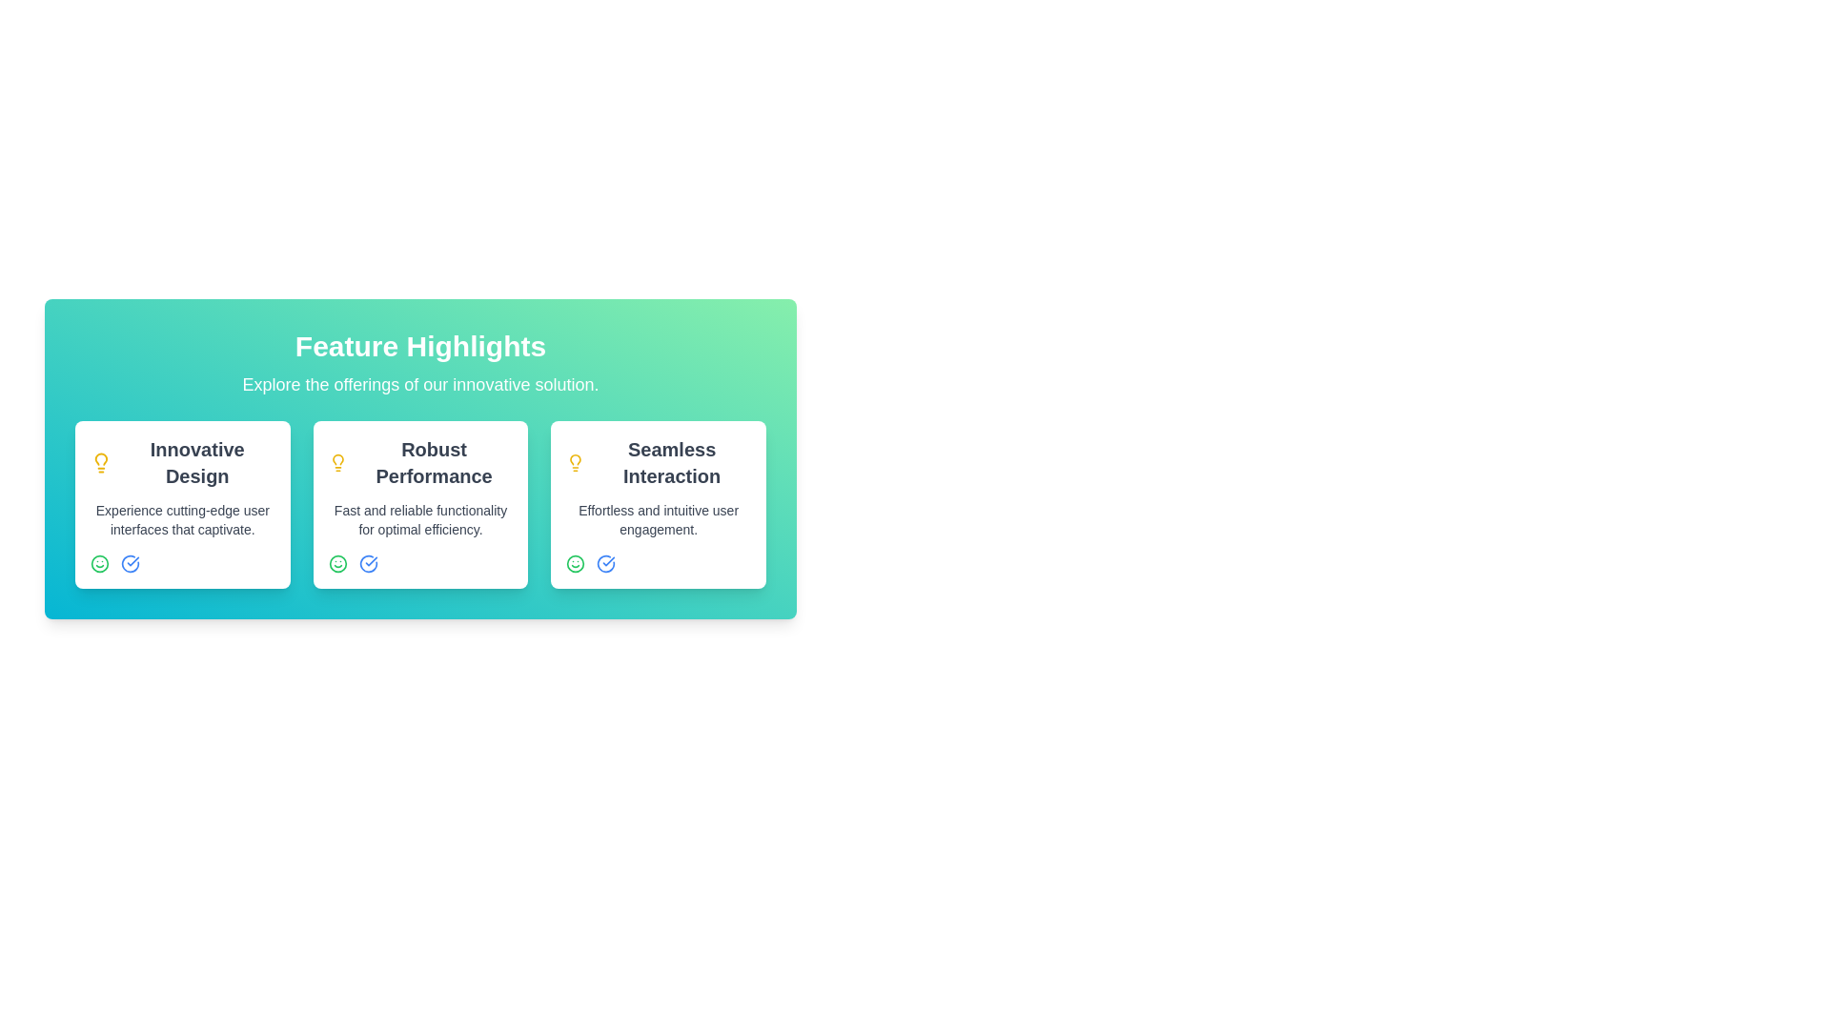  I want to click on the bold text 'Feature Highlights', which is prominently displayed at the center-top of the interface section, so click(419, 346).